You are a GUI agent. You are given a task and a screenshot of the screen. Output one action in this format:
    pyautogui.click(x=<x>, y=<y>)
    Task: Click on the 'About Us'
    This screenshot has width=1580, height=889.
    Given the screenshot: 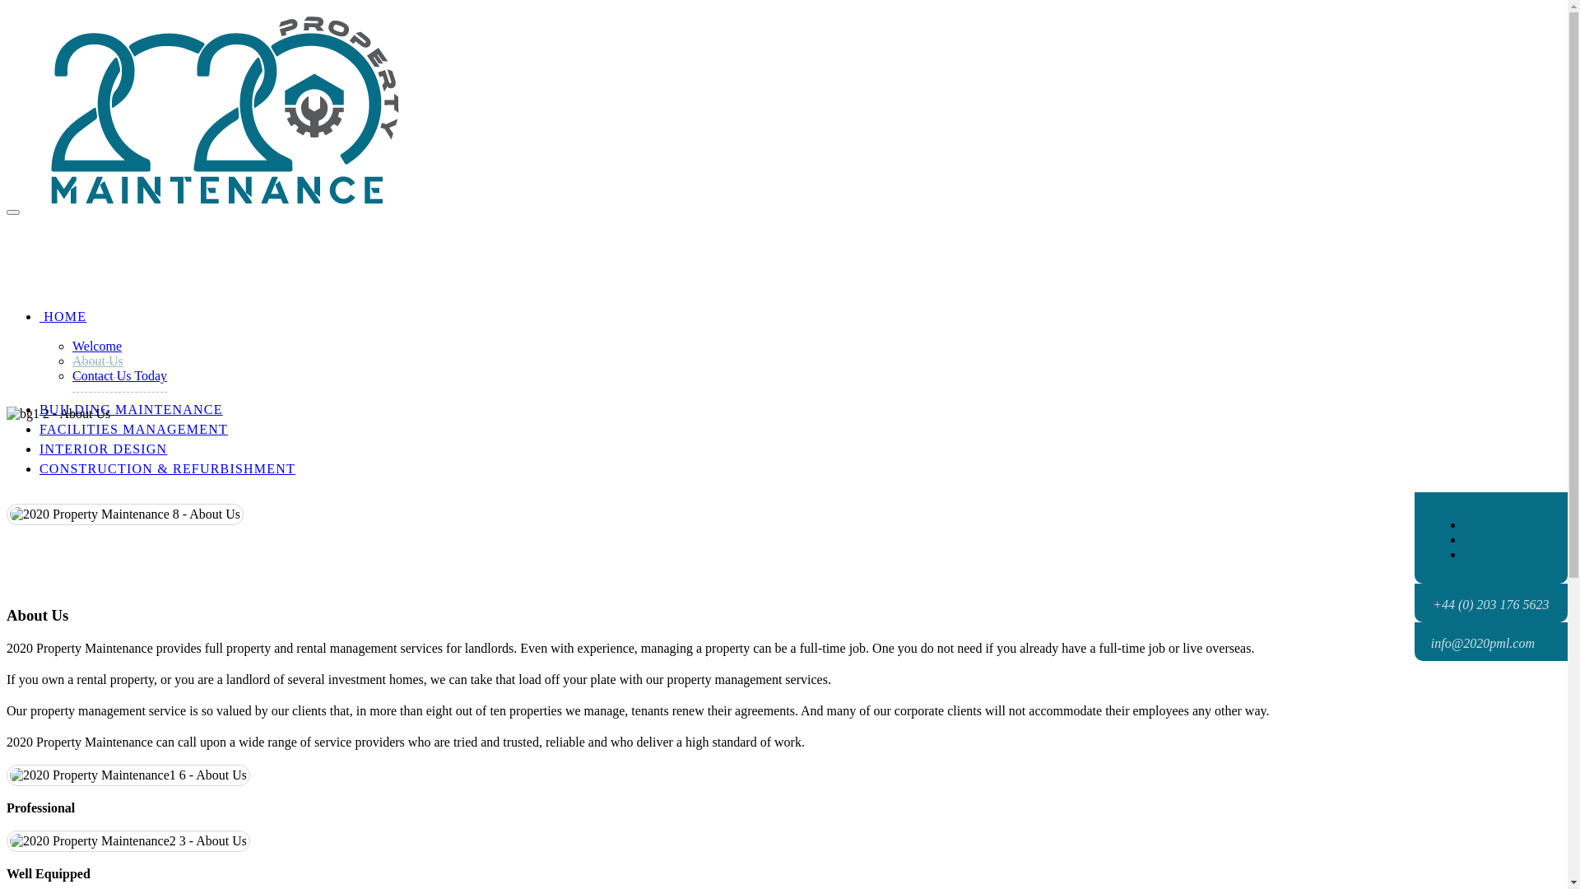 What is the action you would take?
    pyautogui.click(x=97, y=361)
    